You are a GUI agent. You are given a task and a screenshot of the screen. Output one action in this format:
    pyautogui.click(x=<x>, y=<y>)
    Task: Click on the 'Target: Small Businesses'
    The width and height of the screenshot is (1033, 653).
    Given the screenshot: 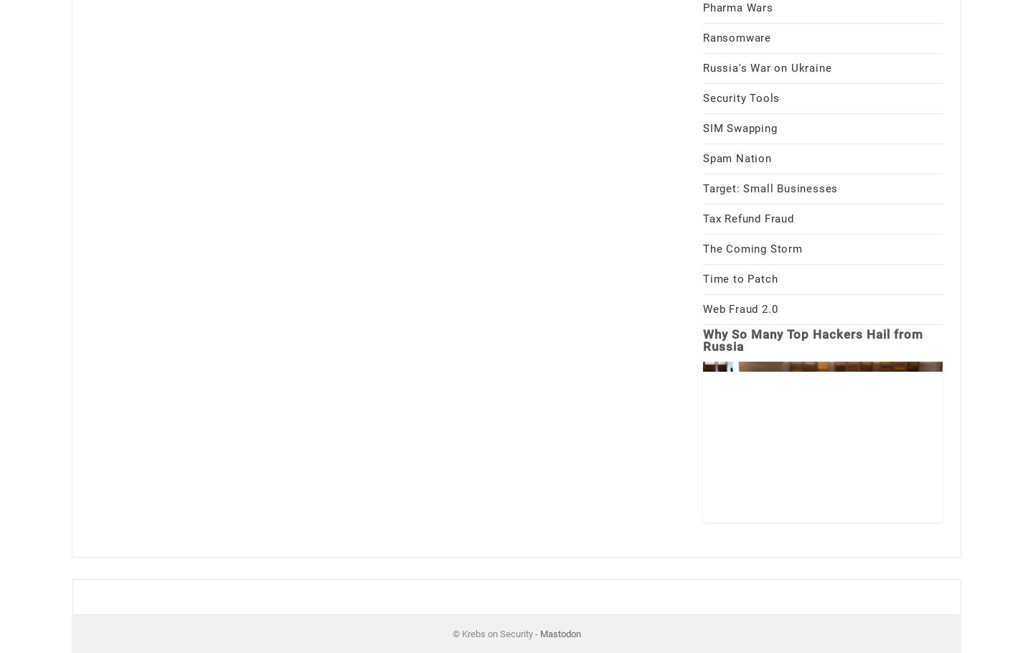 What is the action you would take?
    pyautogui.click(x=770, y=187)
    